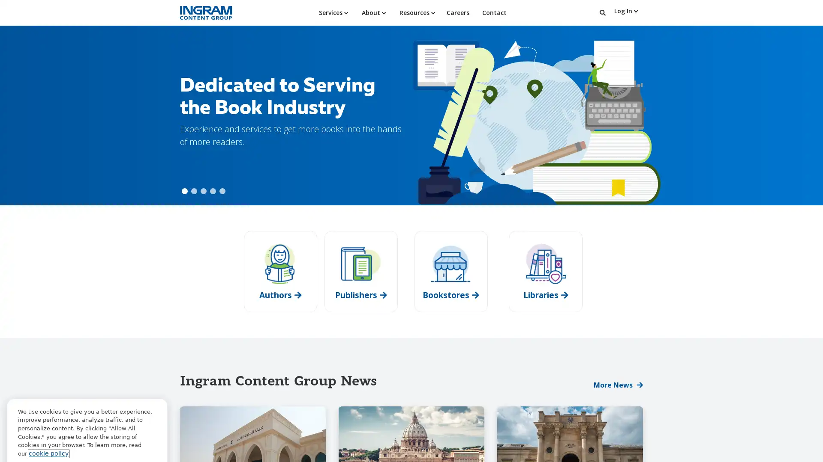  Describe the element at coordinates (184, 190) in the screenshot. I see `Show slide 1 of 5` at that location.